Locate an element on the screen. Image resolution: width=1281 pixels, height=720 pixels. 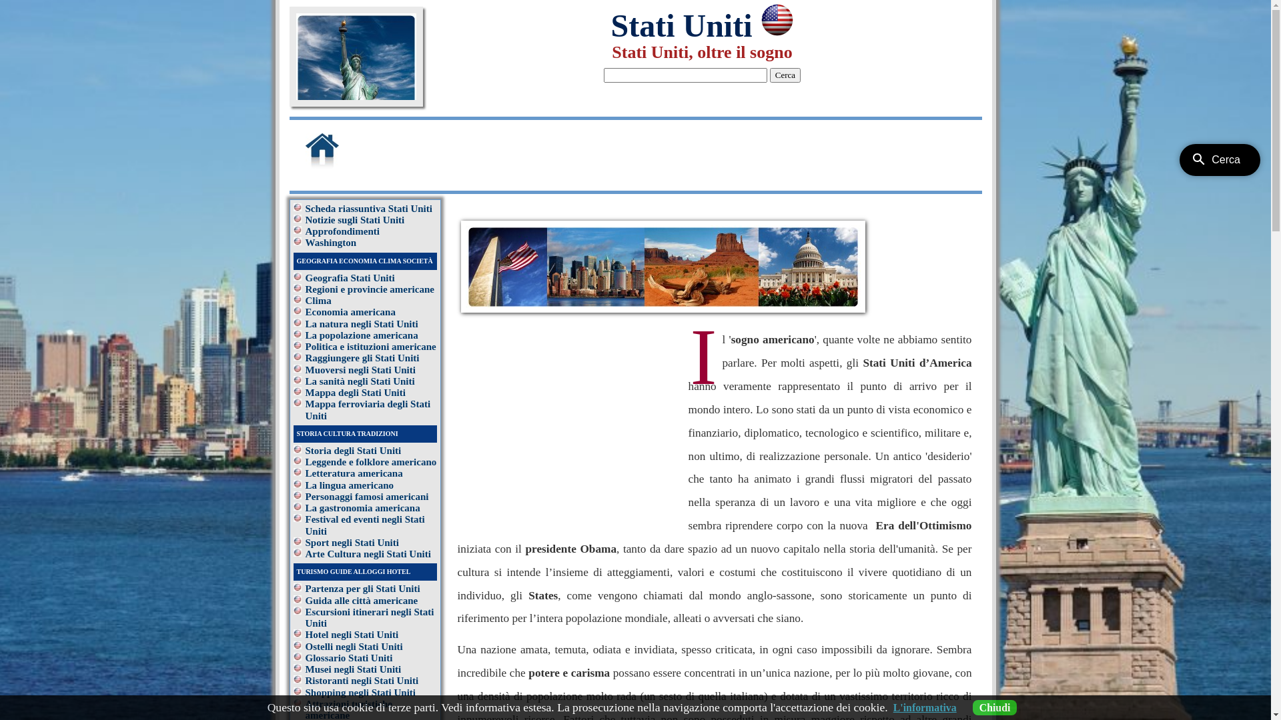
'Storia degli Stati Uniti' is located at coordinates (304, 450).